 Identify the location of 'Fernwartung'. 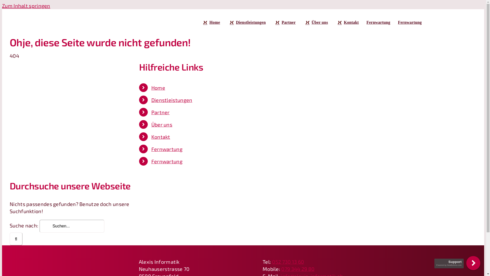
(410, 22).